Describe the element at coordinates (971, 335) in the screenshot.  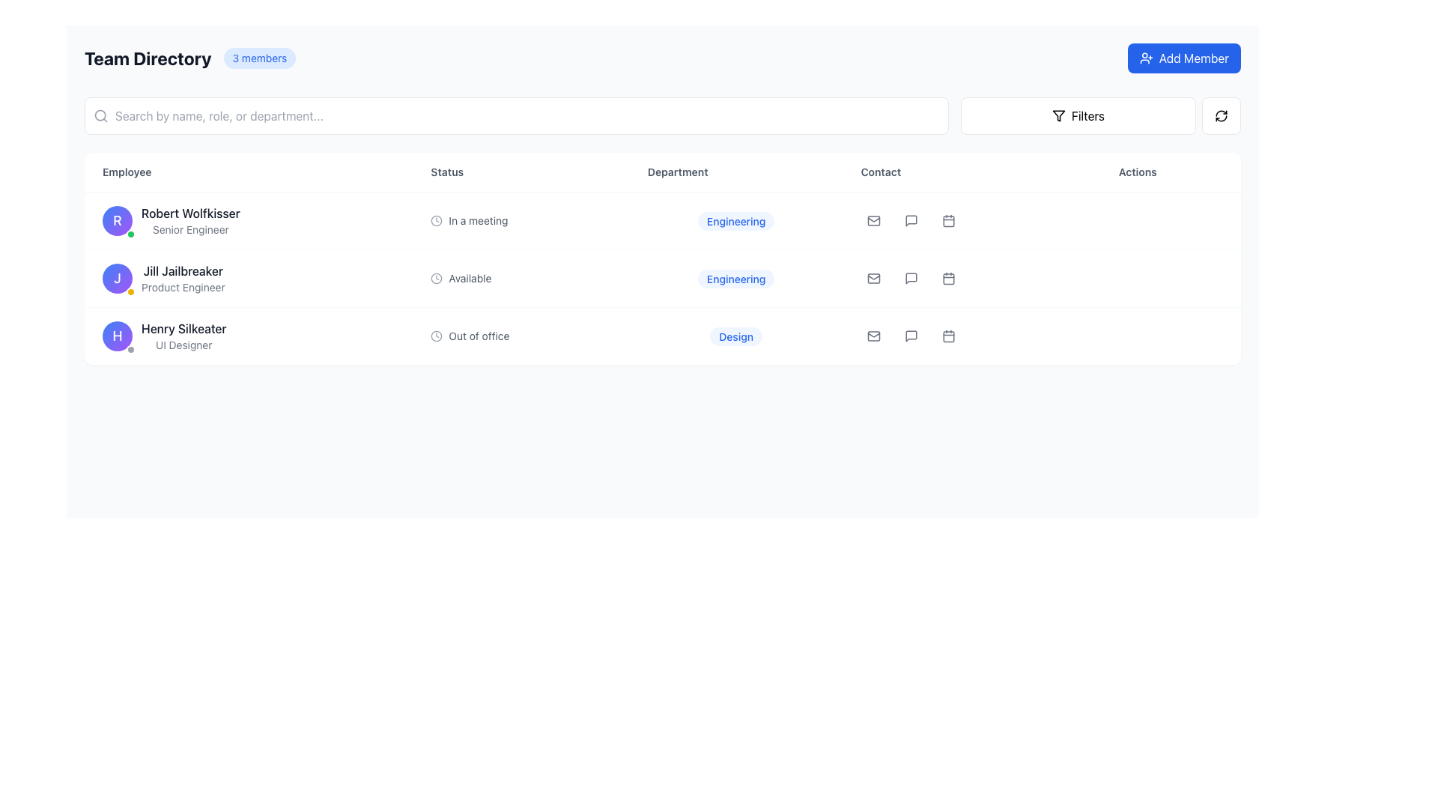
I see `the interactive icon group element in the last row of the table within the 'Contact' column using keyboard arrows` at that location.